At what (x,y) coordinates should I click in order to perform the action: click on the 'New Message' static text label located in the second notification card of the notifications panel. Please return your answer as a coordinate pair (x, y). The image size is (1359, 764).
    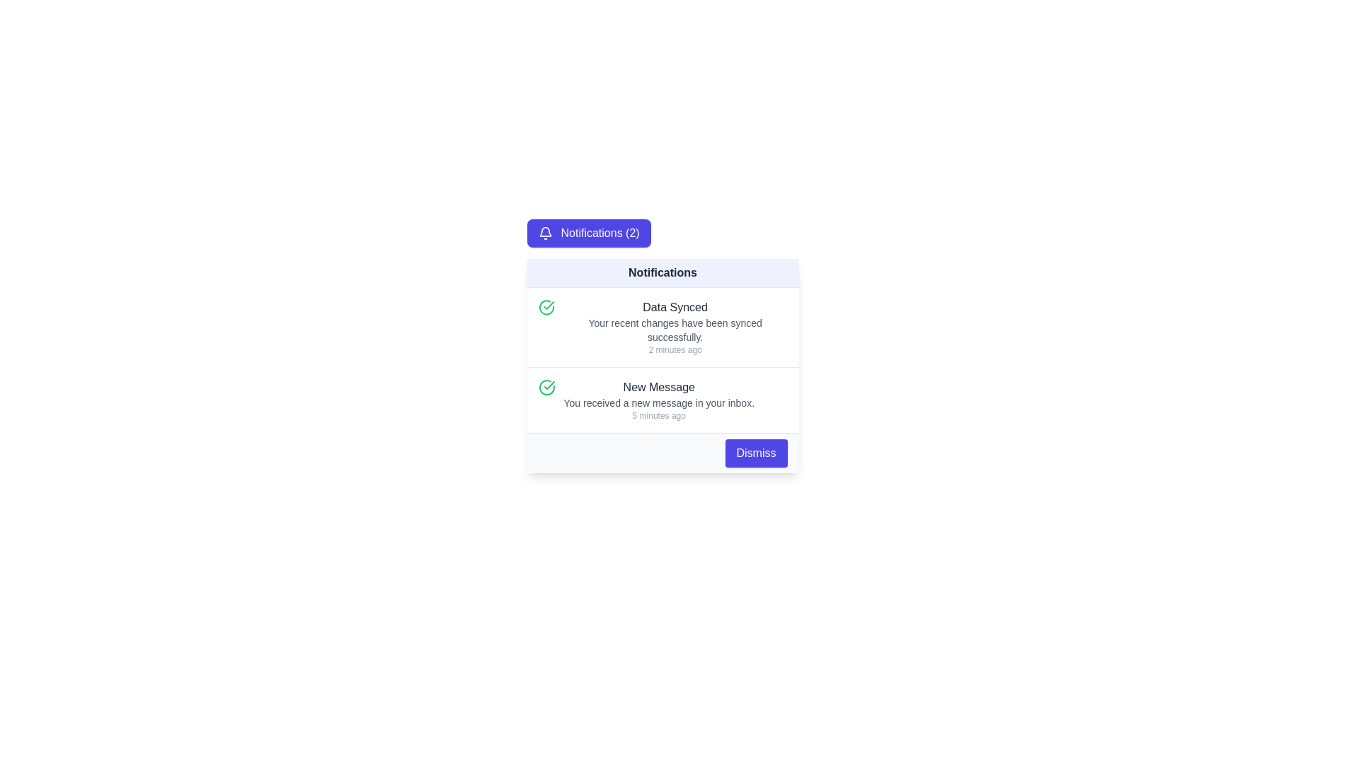
    Looking at the image, I should click on (658, 387).